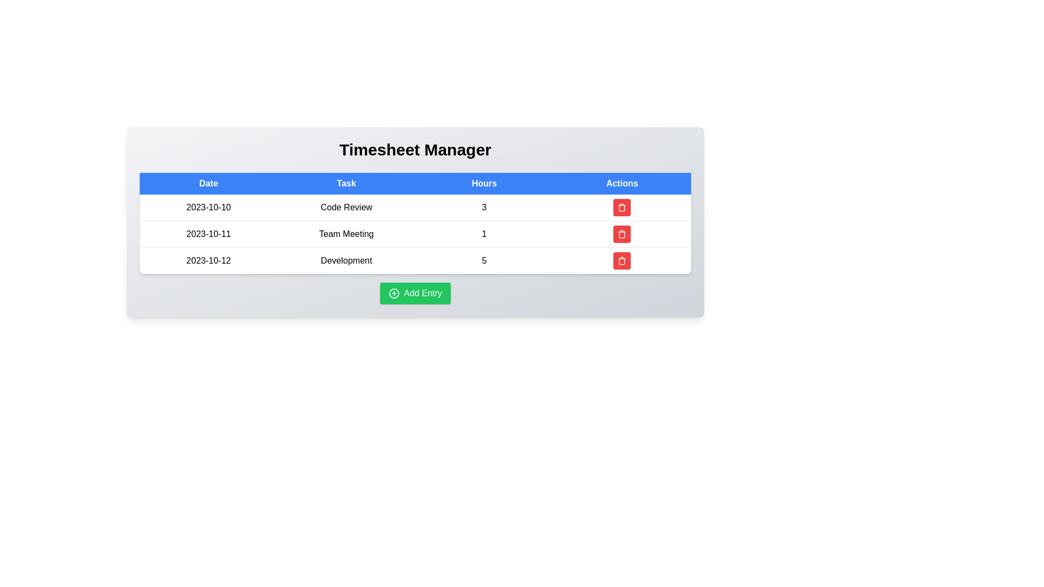 The height and width of the screenshot is (587, 1044). What do you see at coordinates (483, 208) in the screenshot?
I see `the text displaying the number of hours for the task 'Code Review' on the date '2023-10-10' in the 'Hours' column of the timesheet table` at bounding box center [483, 208].